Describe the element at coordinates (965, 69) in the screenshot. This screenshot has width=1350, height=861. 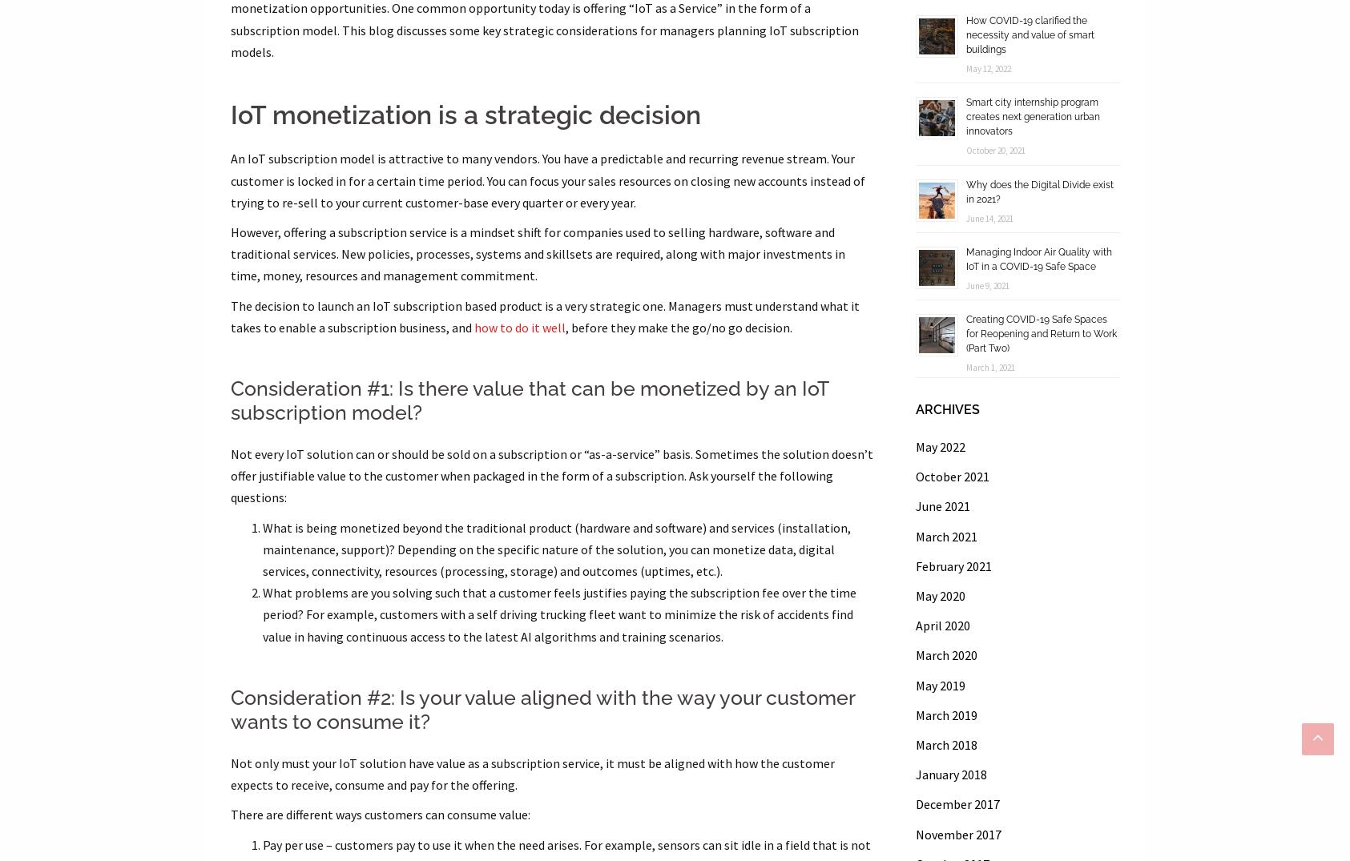
I see `'May 12, 2022'` at that location.